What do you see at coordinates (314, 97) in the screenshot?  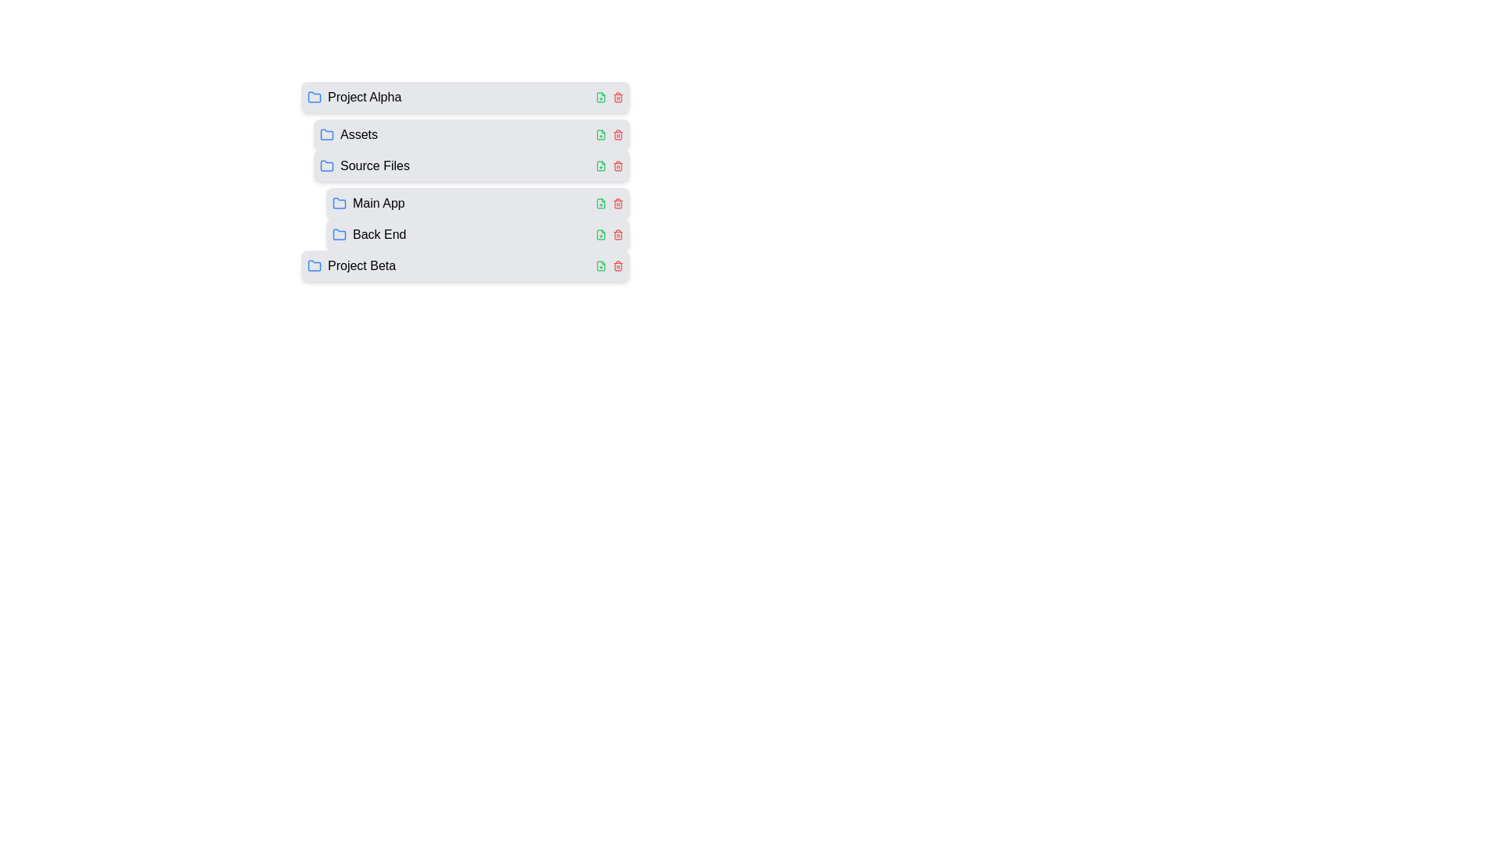 I see `the blue folder icon located to the immediate left of the 'Project Alpha' text` at bounding box center [314, 97].